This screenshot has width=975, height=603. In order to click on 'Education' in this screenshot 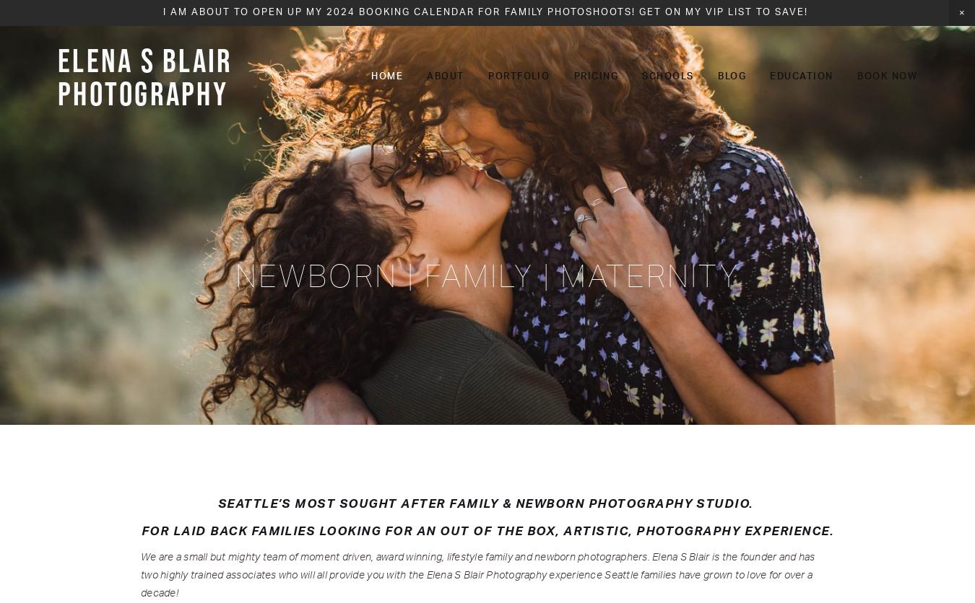, I will do `click(801, 76)`.